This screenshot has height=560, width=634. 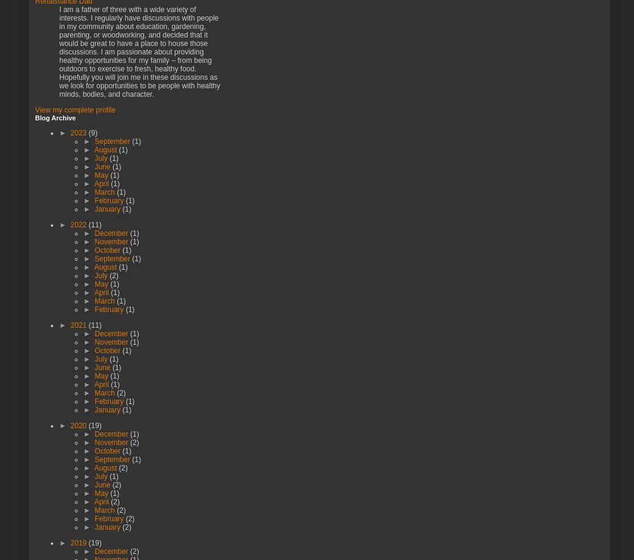 What do you see at coordinates (79, 426) in the screenshot?
I see `'2020'` at bounding box center [79, 426].